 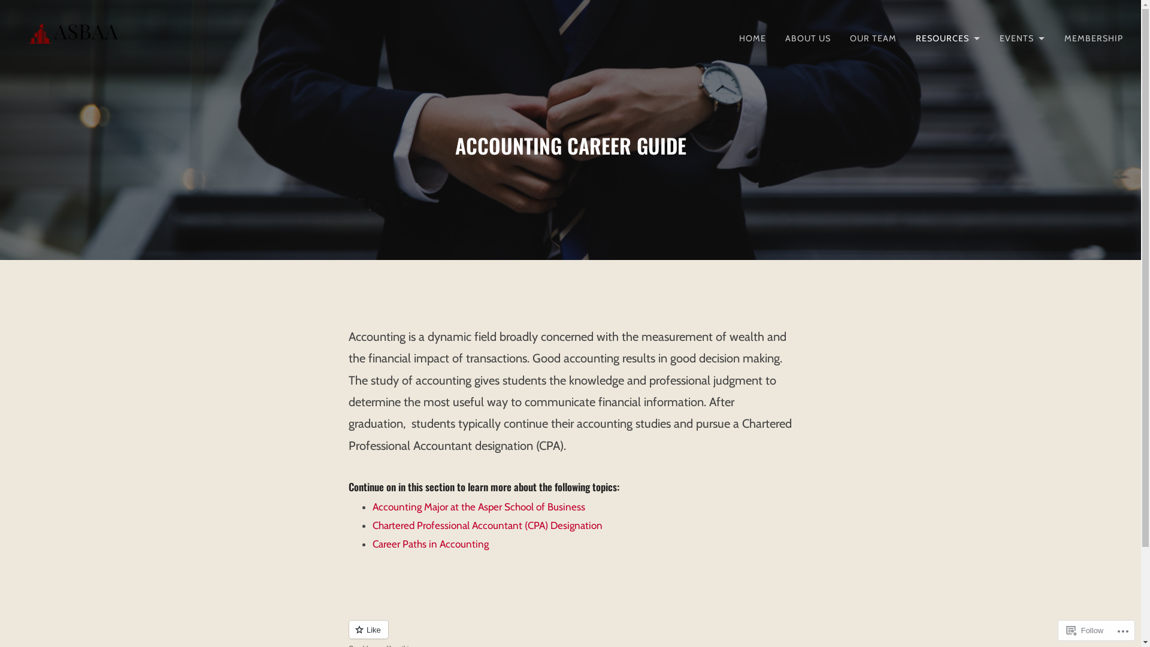 What do you see at coordinates (431, 543) in the screenshot?
I see `'Career Paths in Accounting'` at bounding box center [431, 543].